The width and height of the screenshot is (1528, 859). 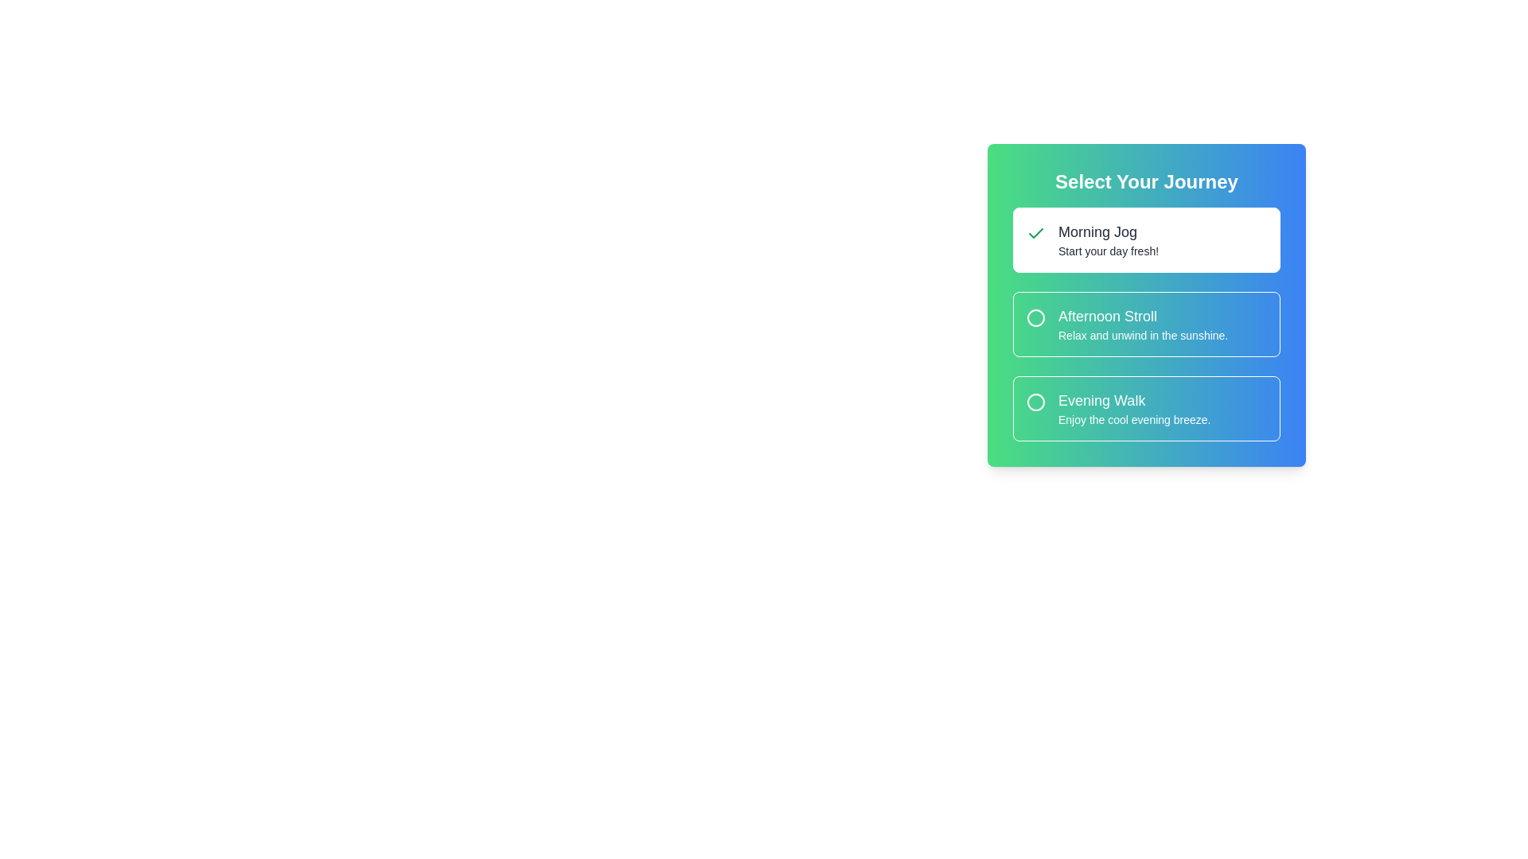 I want to click on the circular marker with a green fill and white border located at the top-left corner of the 'Evening Walk' option card, which is the third option in the list, so click(x=1035, y=401).